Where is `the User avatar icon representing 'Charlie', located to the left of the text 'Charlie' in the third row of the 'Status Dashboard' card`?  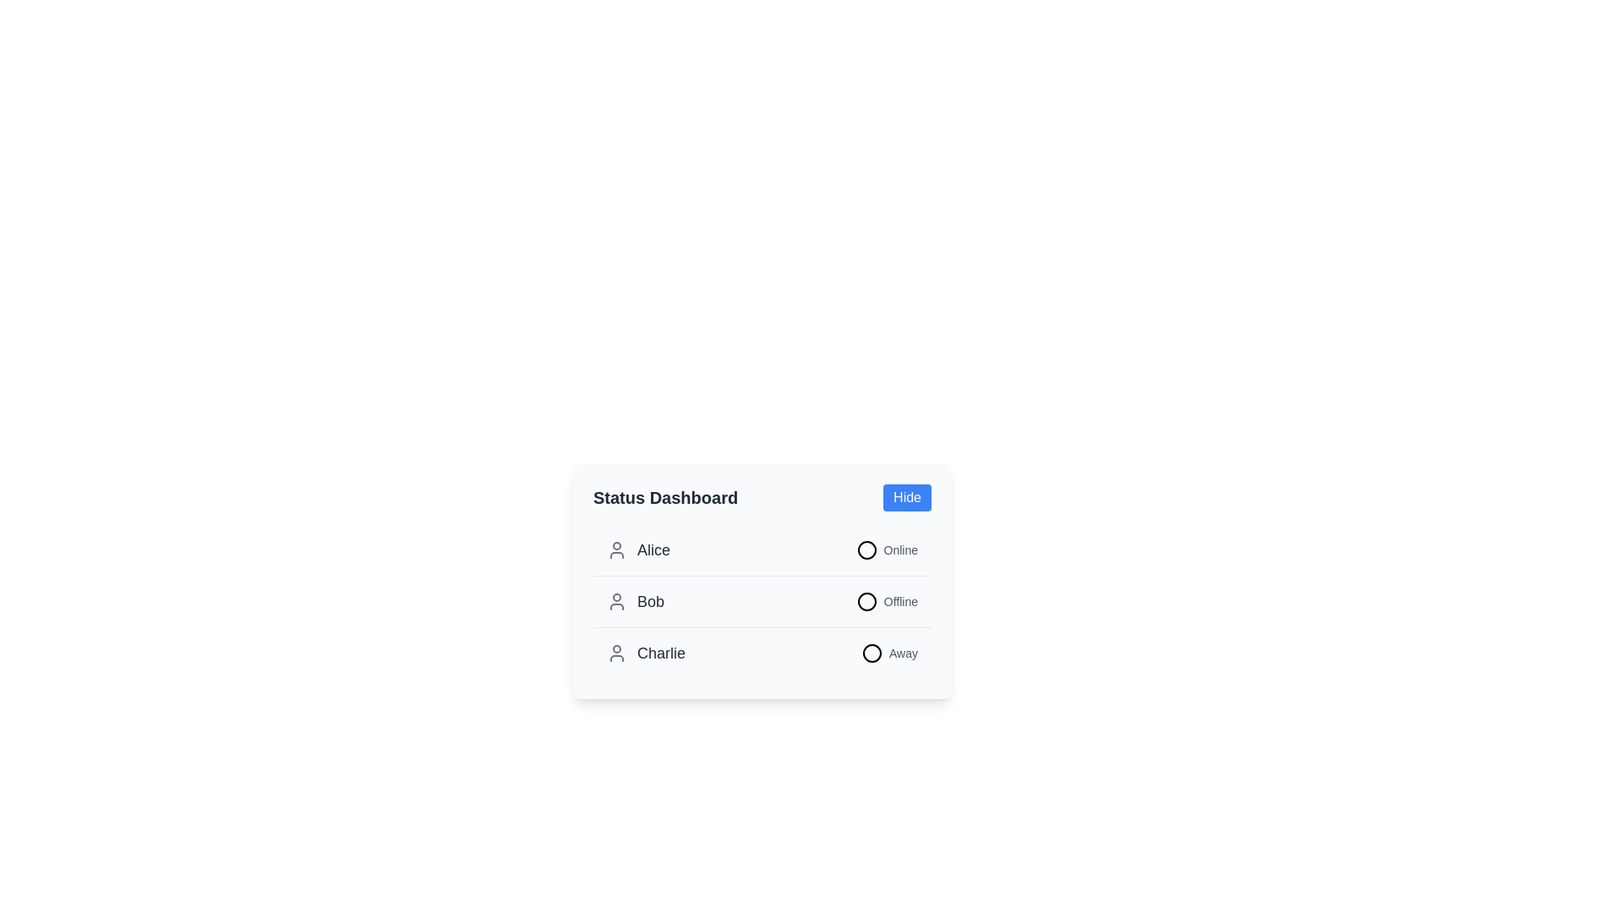
the User avatar icon representing 'Charlie', located to the left of the text 'Charlie' in the third row of the 'Status Dashboard' card is located at coordinates (615, 652).